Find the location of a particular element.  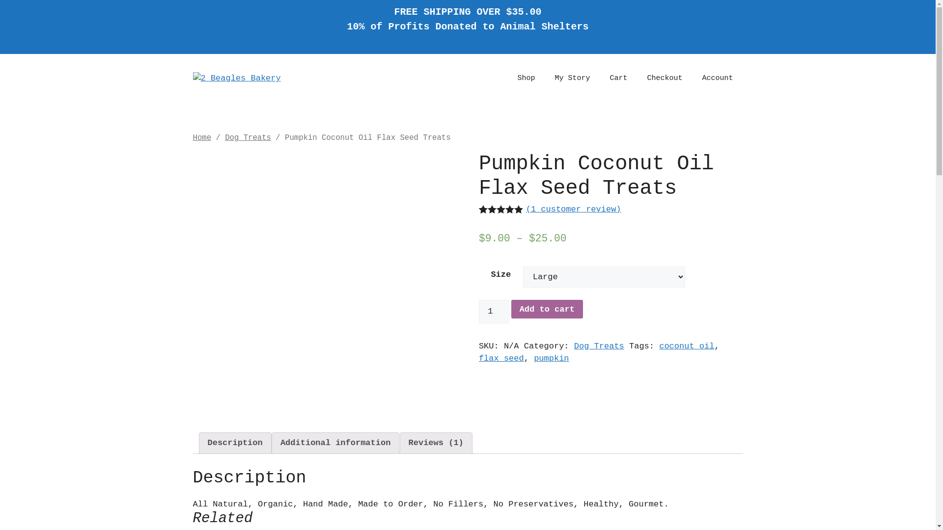

'Shop' is located at coordinates (525, 78).